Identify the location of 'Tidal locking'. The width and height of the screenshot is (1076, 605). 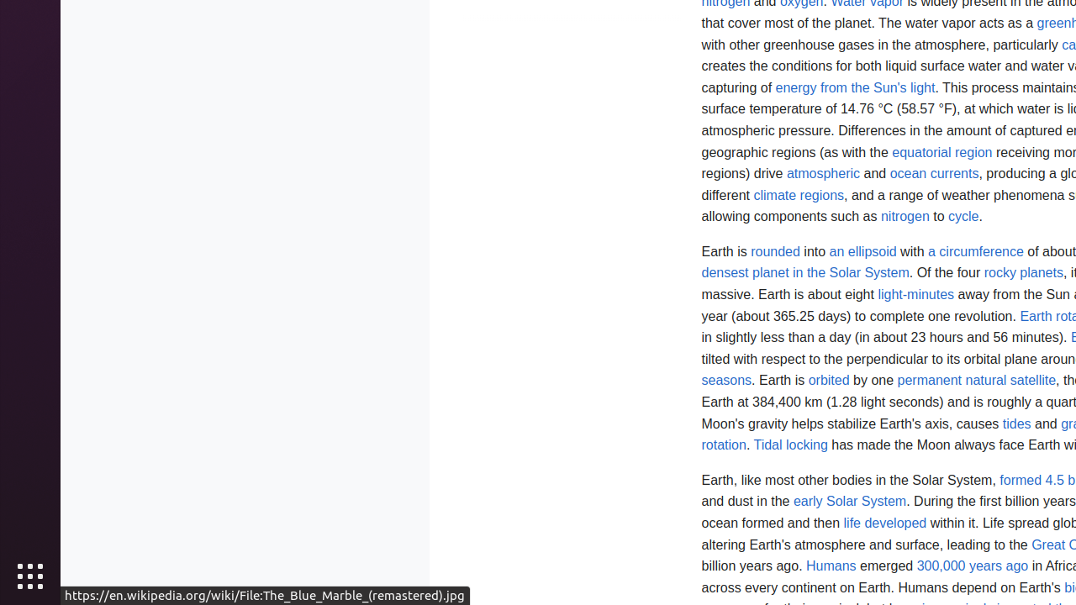
(789, 444).